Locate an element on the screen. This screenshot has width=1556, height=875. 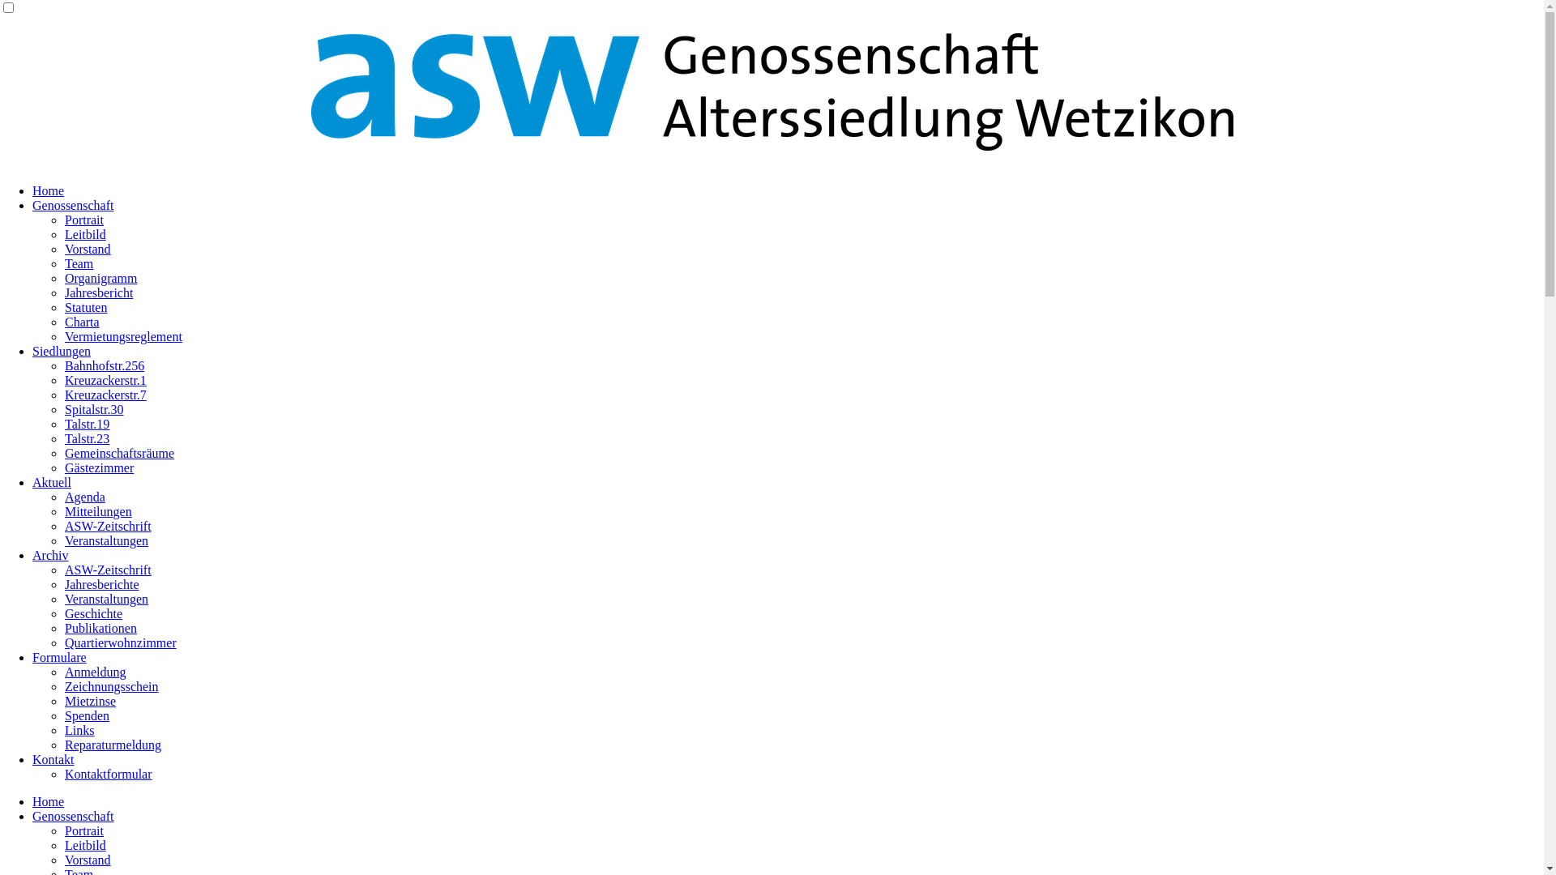
'Organigramm' is located at coordinates (65, 277).